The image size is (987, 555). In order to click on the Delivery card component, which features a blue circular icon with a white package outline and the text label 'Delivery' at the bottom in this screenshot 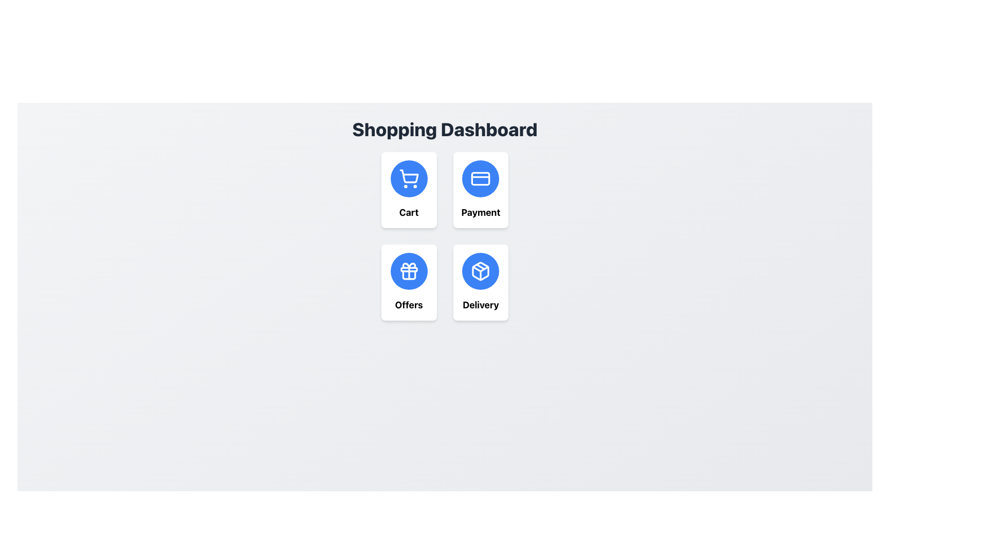, I will do `click(480, 283)`.